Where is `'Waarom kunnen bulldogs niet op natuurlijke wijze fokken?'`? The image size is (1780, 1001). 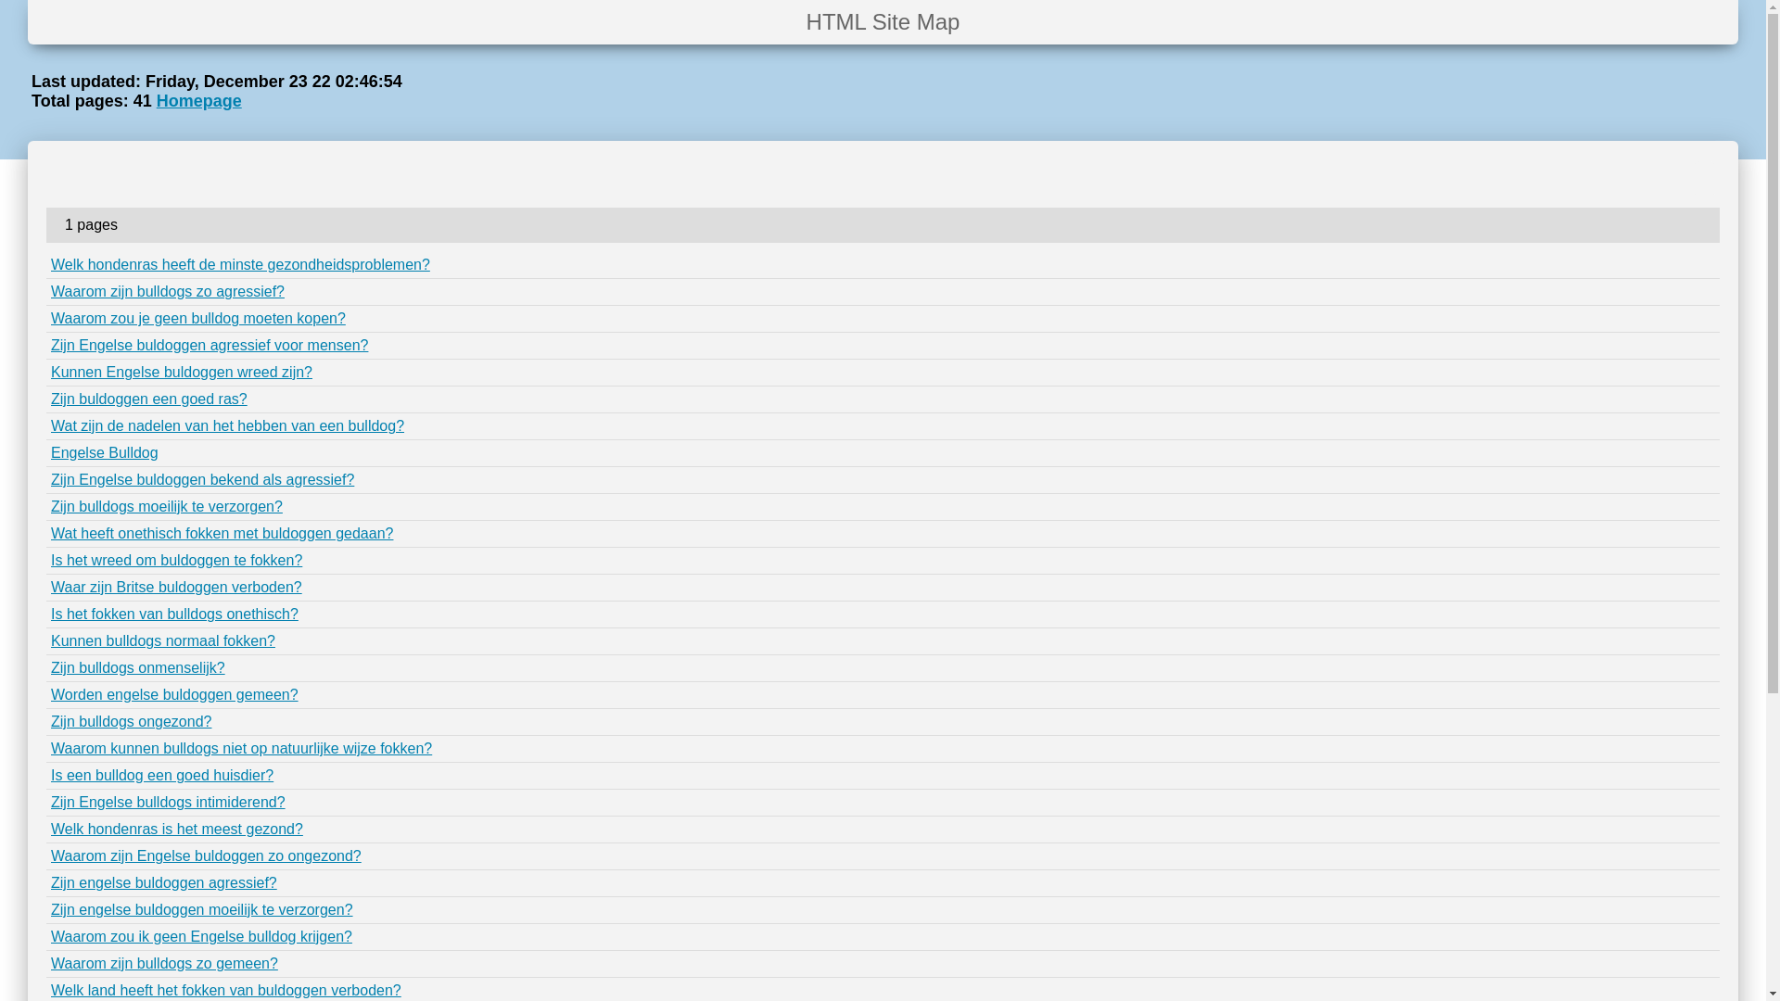 'Waarom kunnen bulldogs niet op natuurlijke wijze fokken?' is located at coordinates (240, 747).